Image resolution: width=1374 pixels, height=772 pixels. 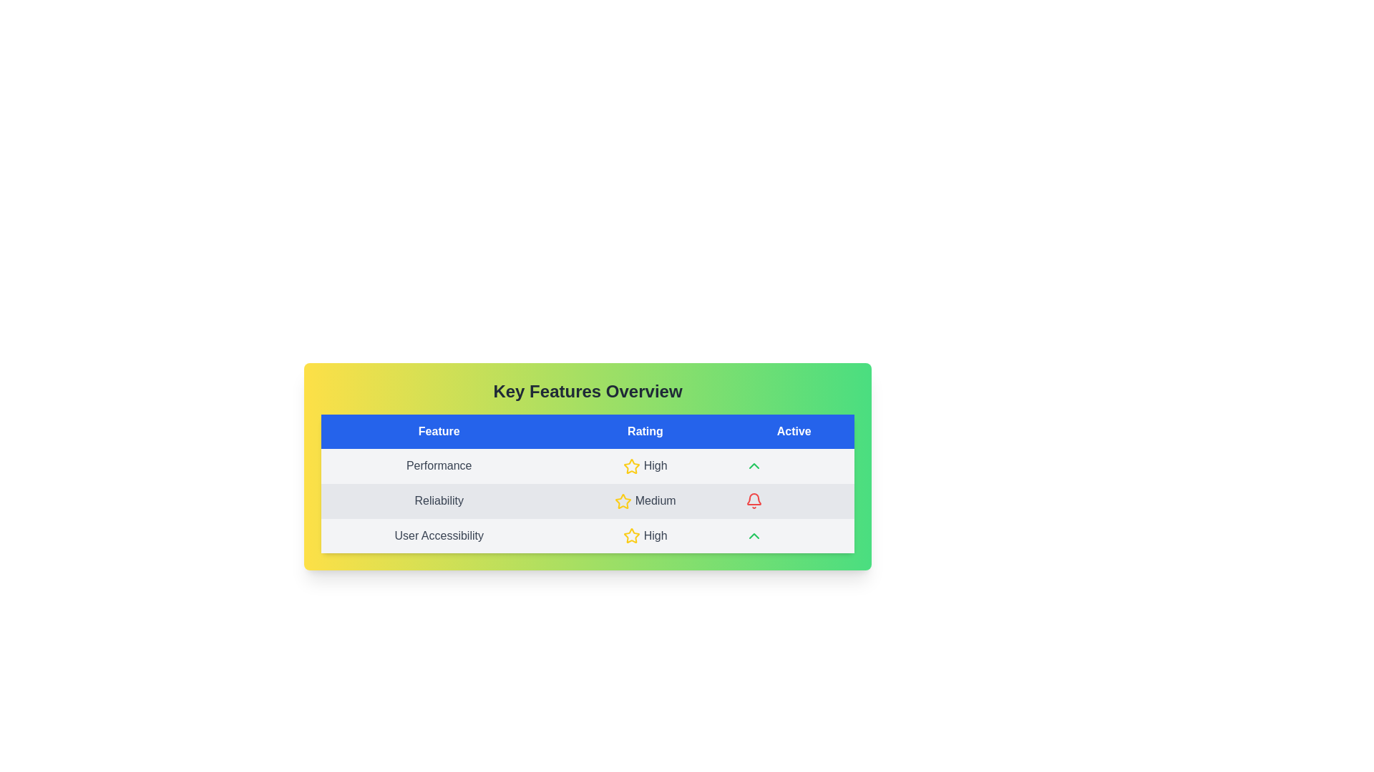 I want to click on the 'Feature' header label in the table, which is the first column header located at the leftmost segment among its siblings 'Rating' and 'Active', so click(x=438, y=431).